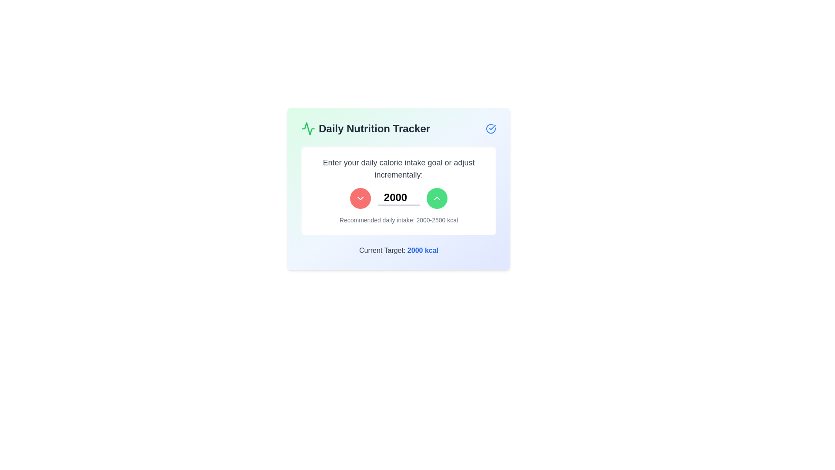  What do you see at coordinates (398, 129) in the screenshot?
I see `text content of the Header displaying 'Daily Nutrition Tracker', which is located at the top of the card with a green waveform icon to the left and a blue circle-checkmark icon to the right` at bounding box center [398, 129].